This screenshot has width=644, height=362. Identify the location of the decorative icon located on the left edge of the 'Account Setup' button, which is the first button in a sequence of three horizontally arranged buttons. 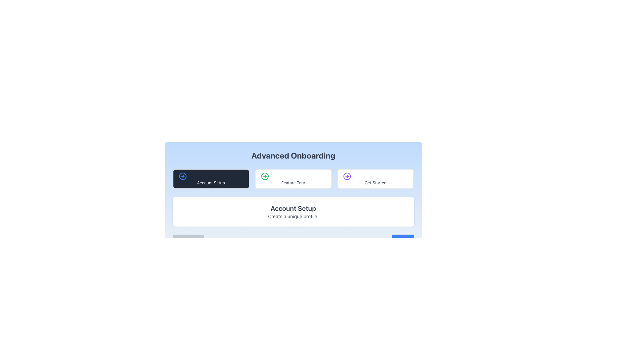
(182, 176).